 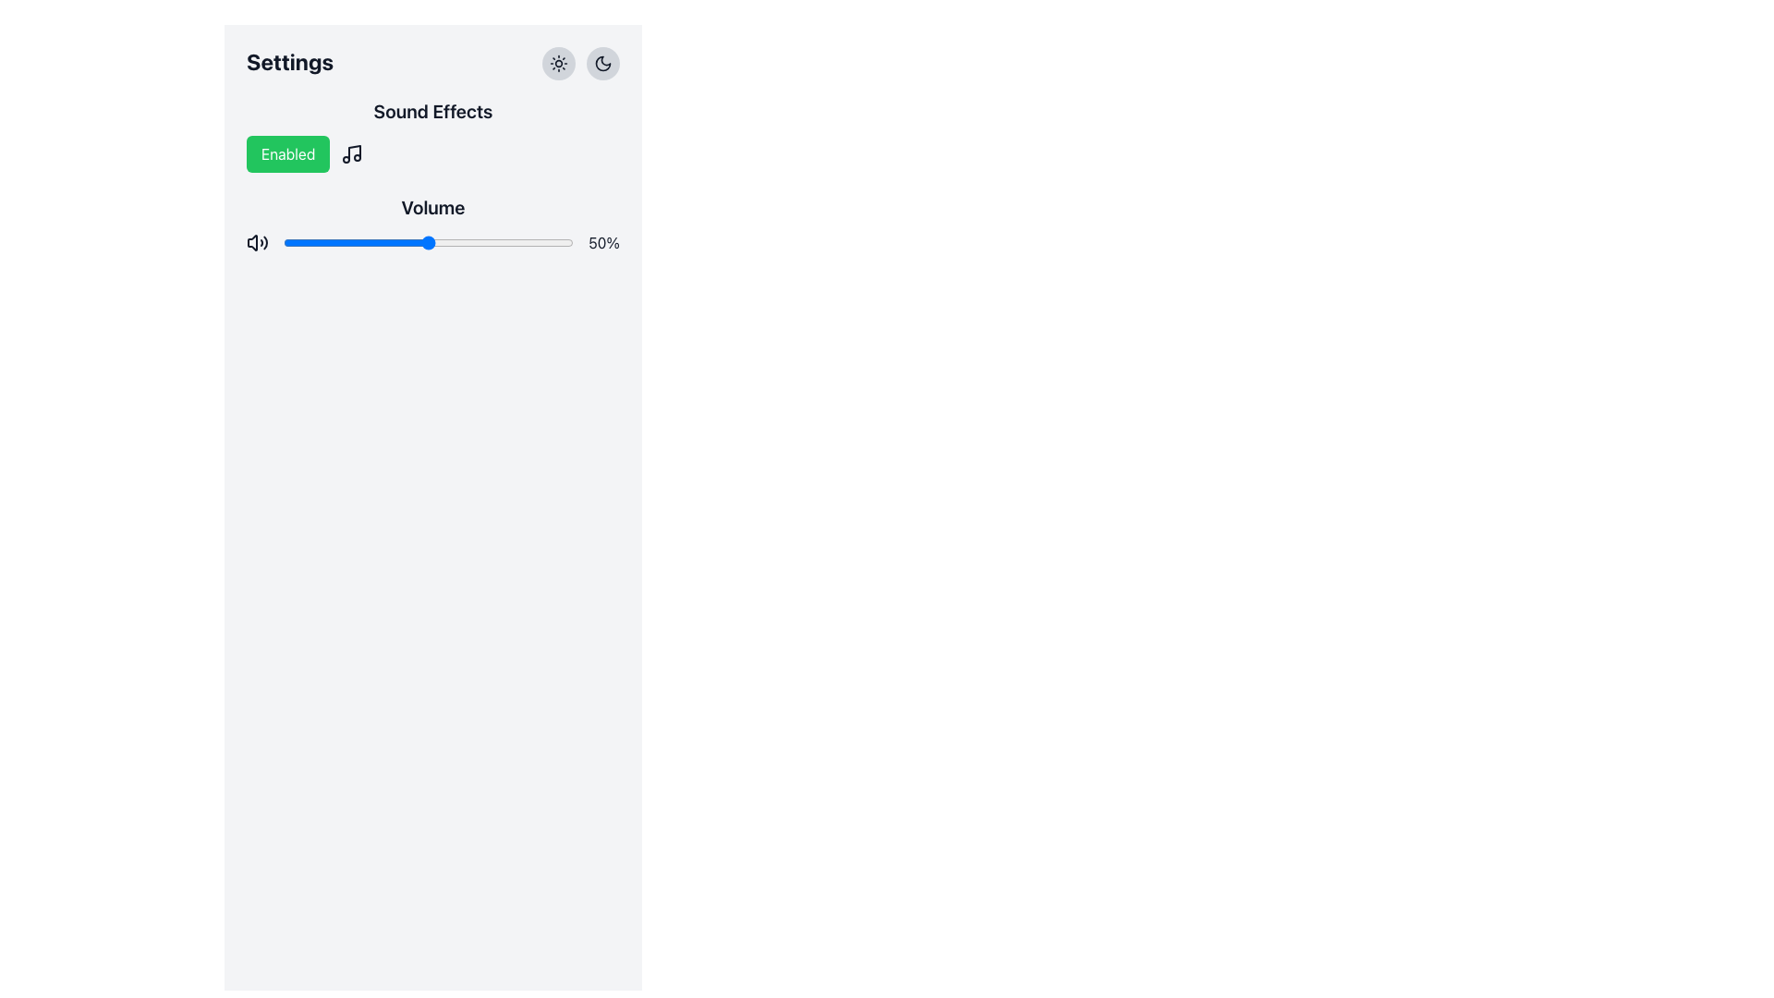 I want to click on the slider, so click(x=541, y=241).